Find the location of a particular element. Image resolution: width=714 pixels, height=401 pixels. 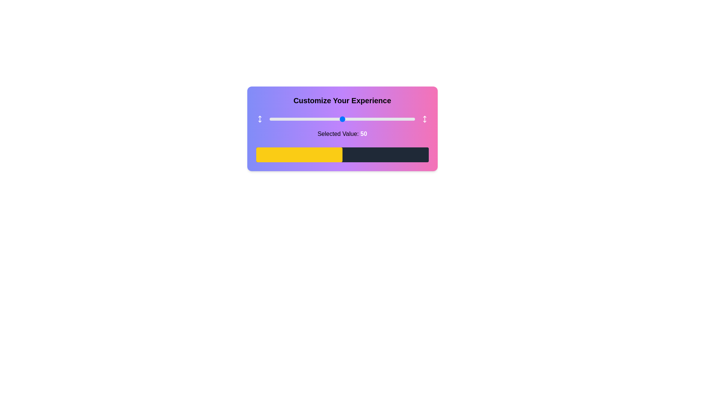

the slider to set its value to 88 is located at coordinates (397, 118).